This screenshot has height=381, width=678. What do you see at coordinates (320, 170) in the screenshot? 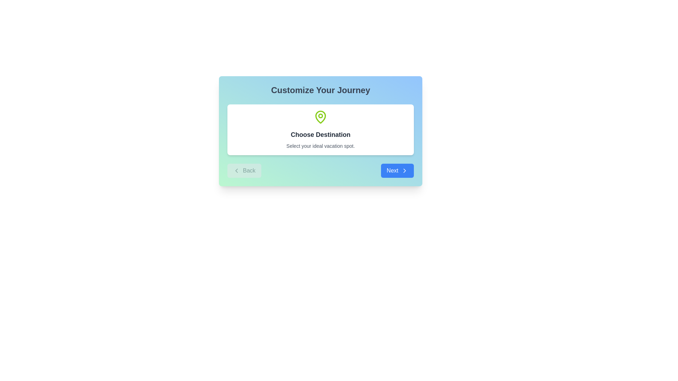
I see `the navigation bar located at the bottom section of the card element` at bounding box center [320, 170].